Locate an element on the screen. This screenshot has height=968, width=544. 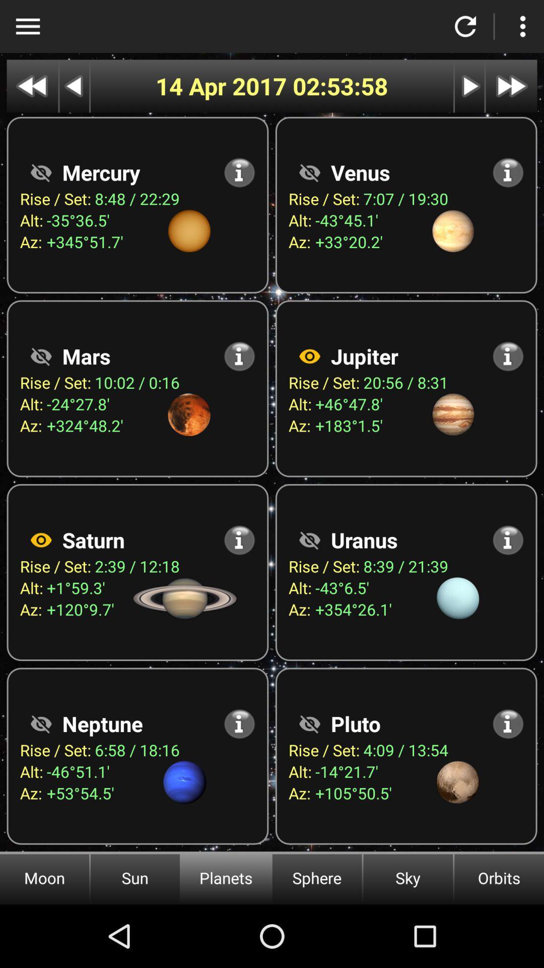
the play icon is located at coordinates (469, 86).